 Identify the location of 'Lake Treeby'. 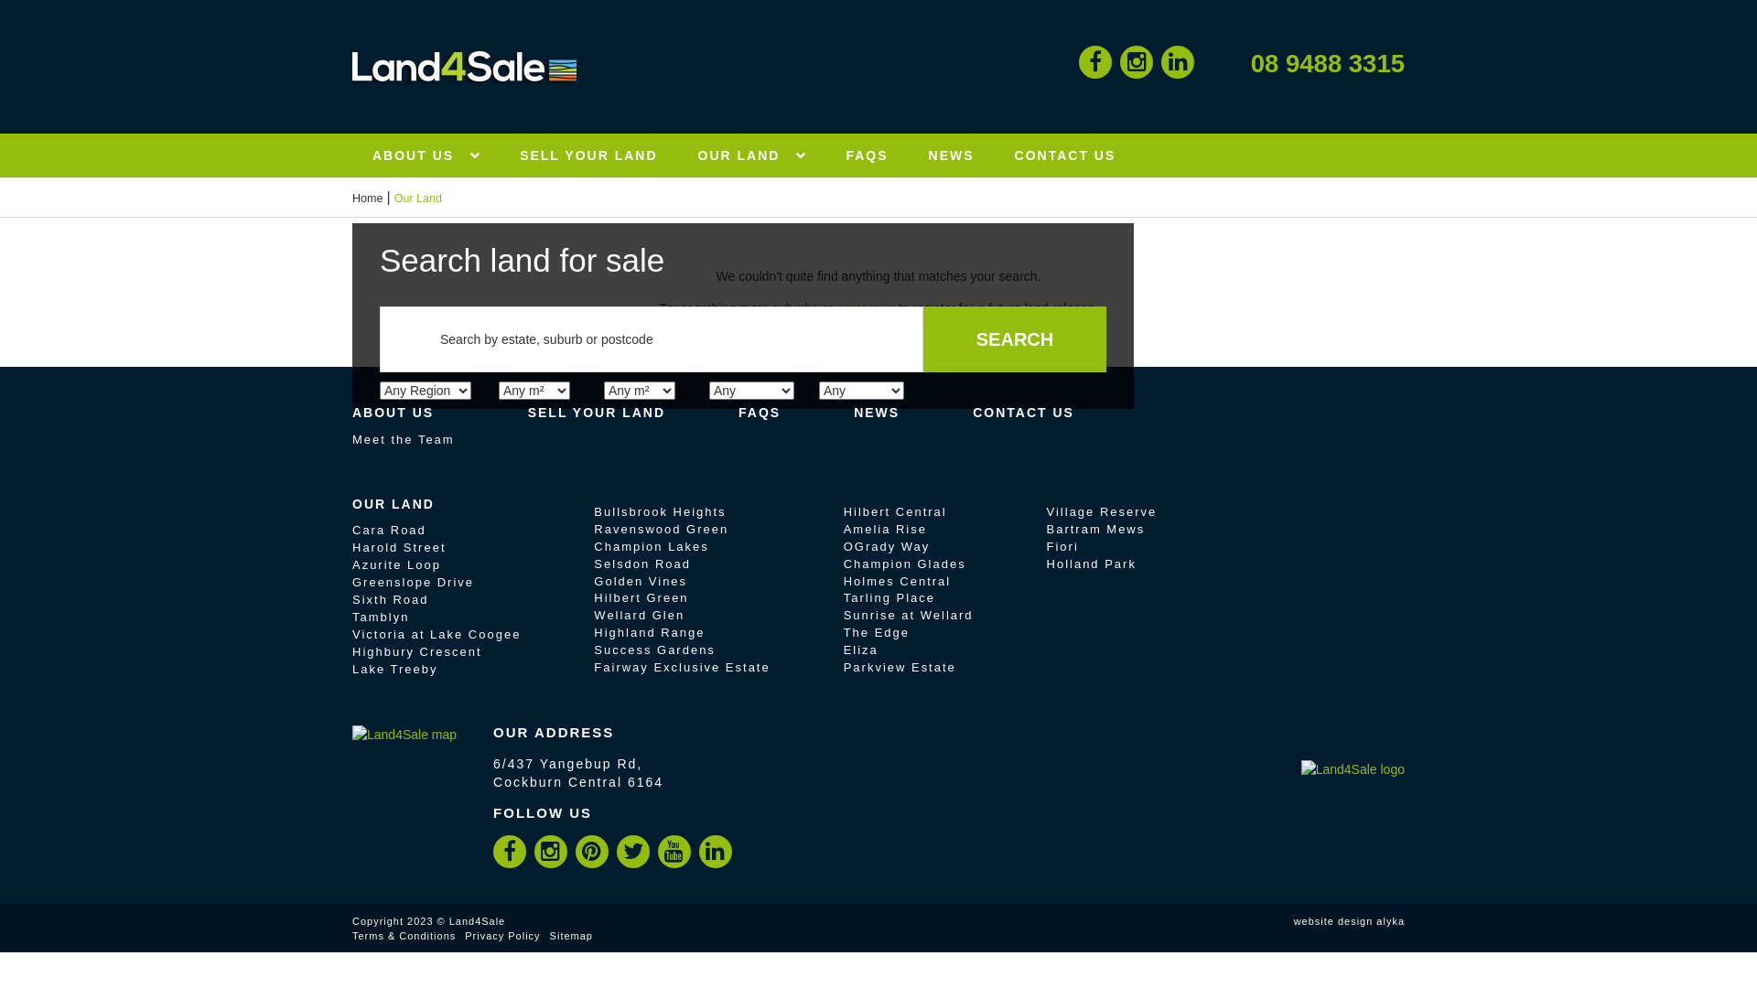
(393, 669).